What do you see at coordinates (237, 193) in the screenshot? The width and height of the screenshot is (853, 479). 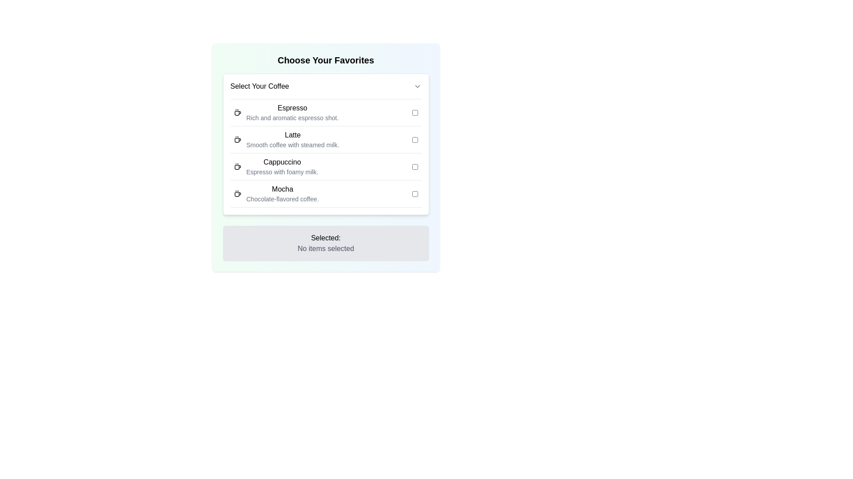 I see `the Mocha coffee icon` at bounding box center [237, 193].